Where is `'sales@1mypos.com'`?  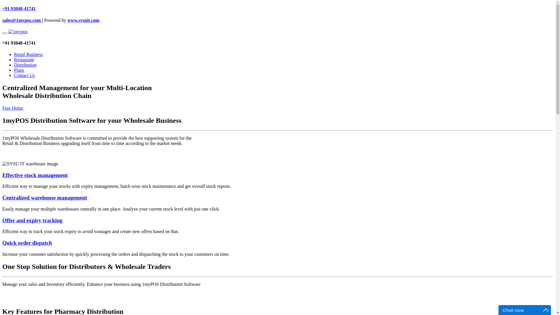 'sales@1mypos.com' is located at coordinates (22, 20).